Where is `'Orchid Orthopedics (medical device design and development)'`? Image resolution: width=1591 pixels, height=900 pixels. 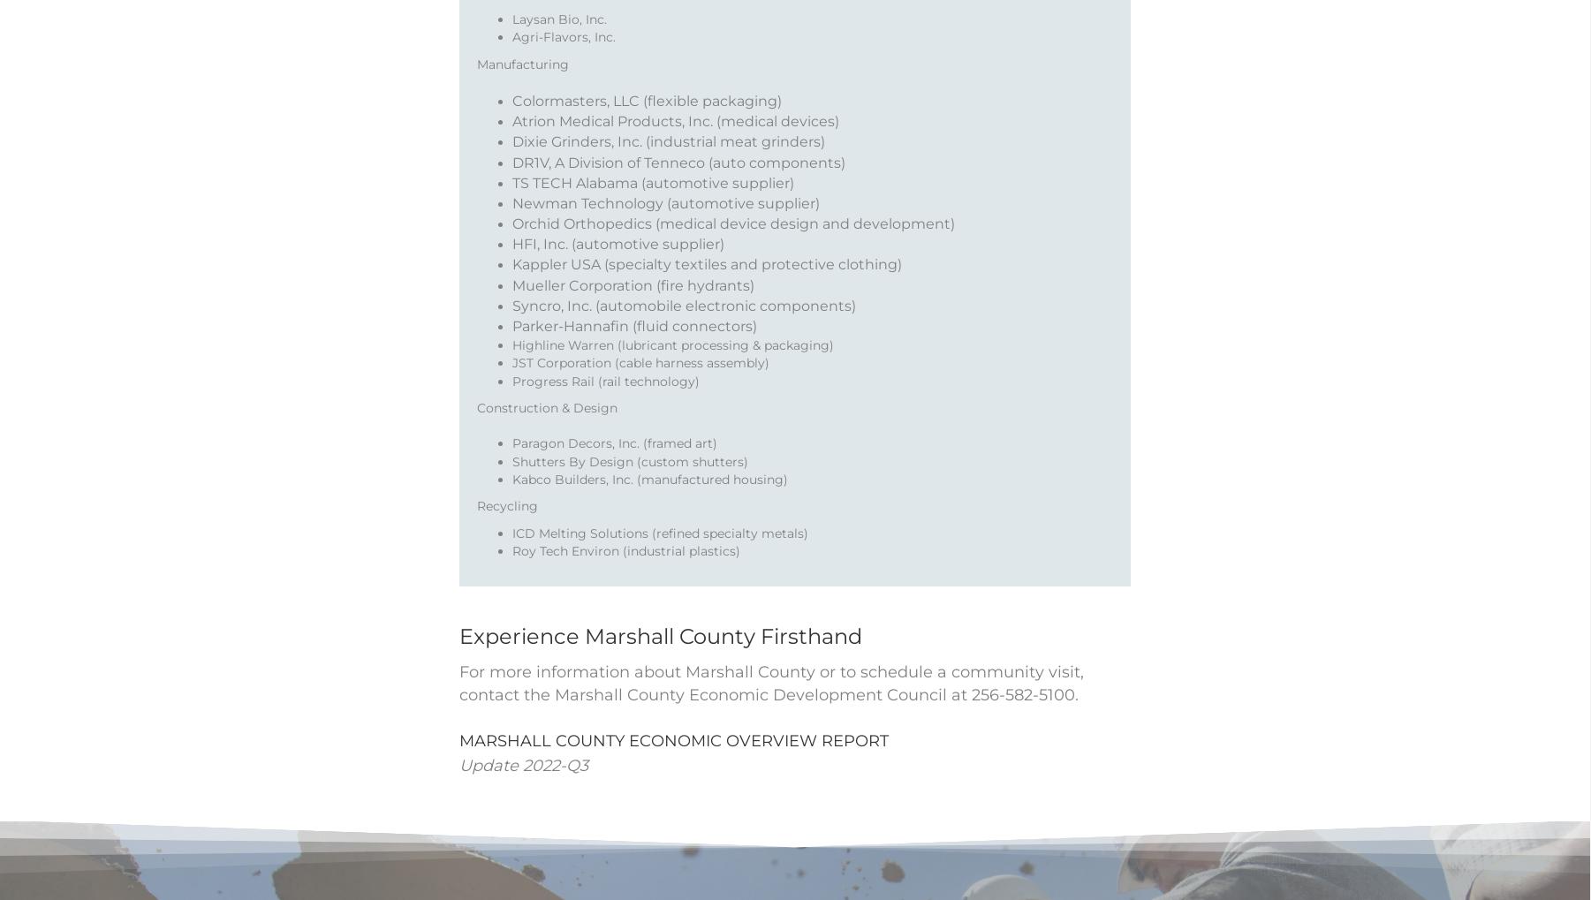
'Orchid Orthopedics (medical device design and development)' is located at coordinates (732, 246).